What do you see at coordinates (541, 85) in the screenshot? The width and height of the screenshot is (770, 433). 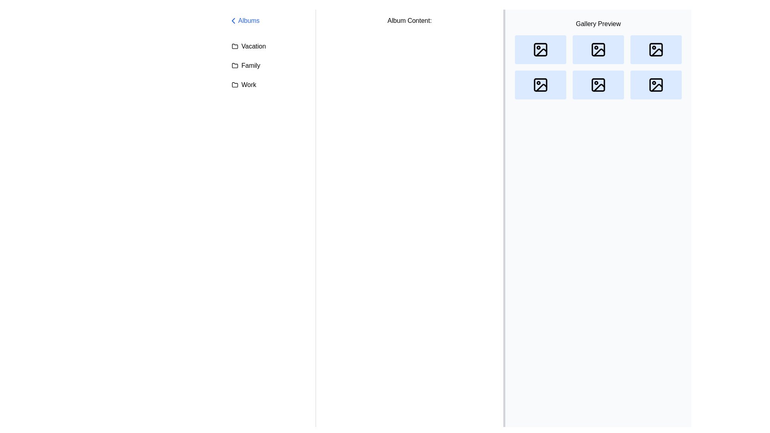 I see `the blue square-shaped icon button with a rounded edge and an image placeholder icon` at bounding box center [541, 85].